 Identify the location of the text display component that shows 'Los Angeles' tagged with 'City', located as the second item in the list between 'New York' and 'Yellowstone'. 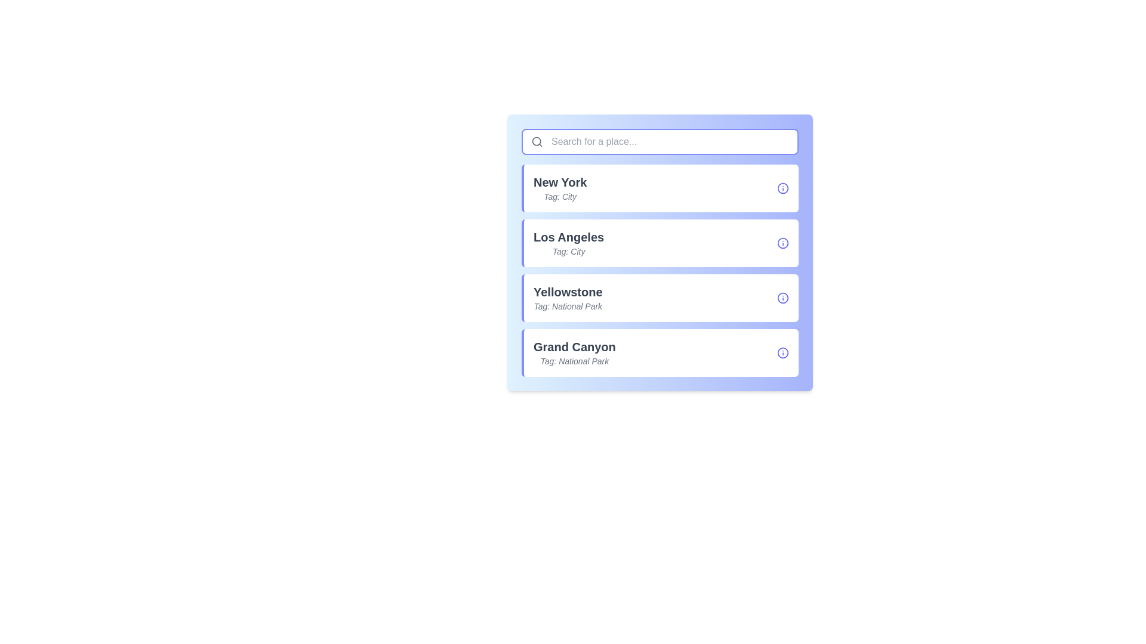
(568, 243).